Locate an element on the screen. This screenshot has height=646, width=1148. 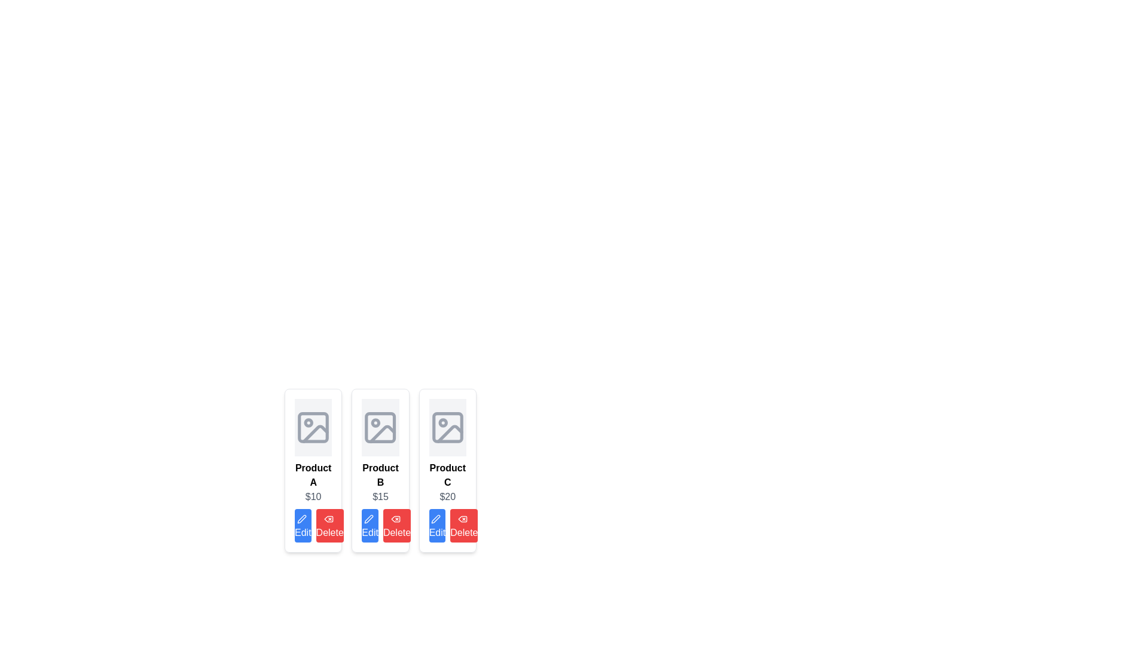
the Decorative Icon element, which is a small circular shape located in the upper left quadrant of an image placeholder is located at coordinates (309, 422).